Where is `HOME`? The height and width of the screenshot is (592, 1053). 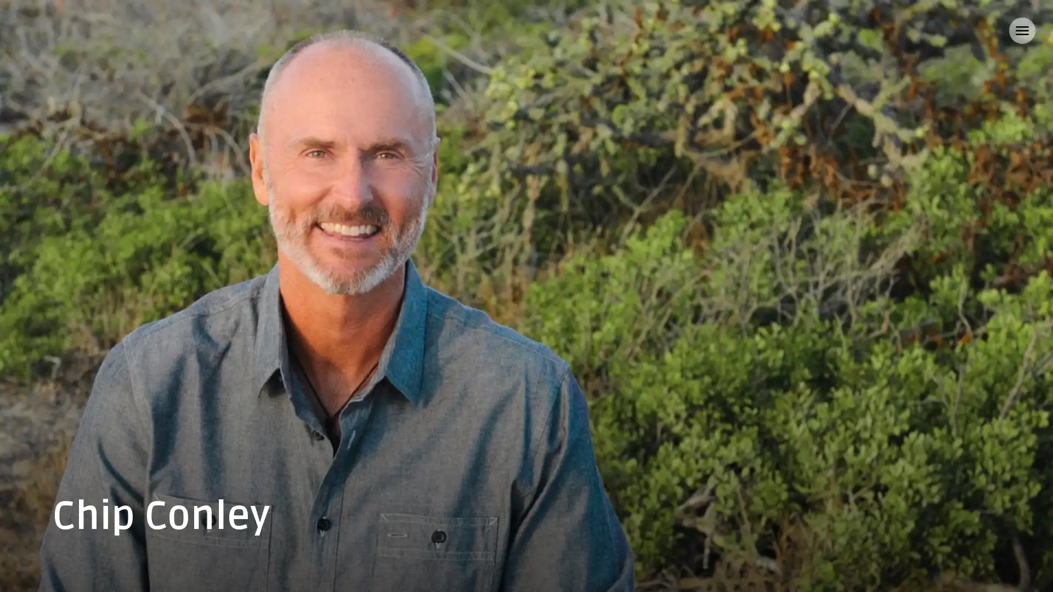
HOME is located at coordinates (39, 30).